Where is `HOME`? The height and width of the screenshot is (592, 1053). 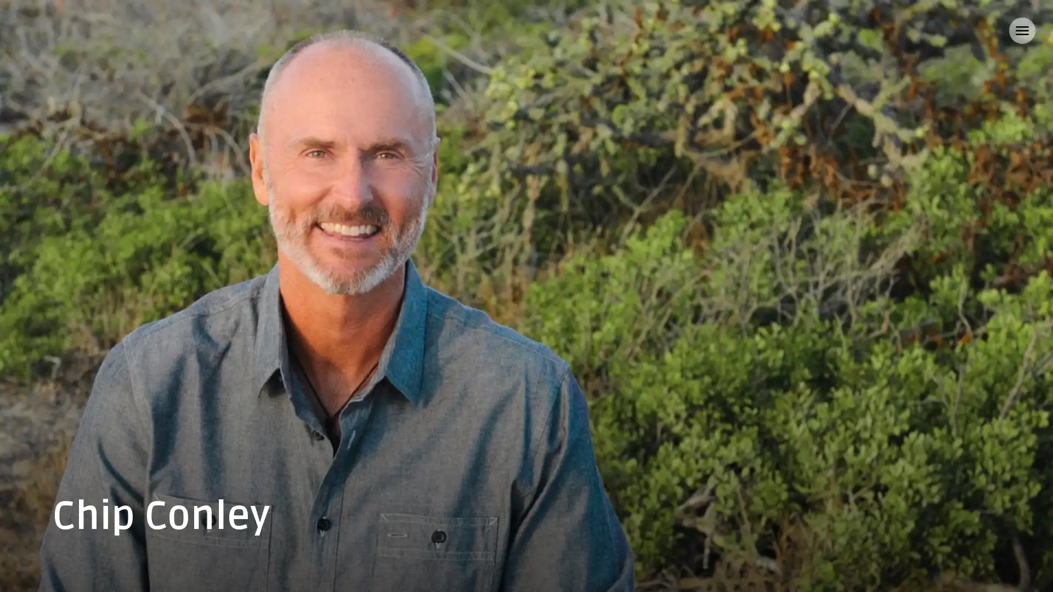
HOME is located at coordinates (39, 30).